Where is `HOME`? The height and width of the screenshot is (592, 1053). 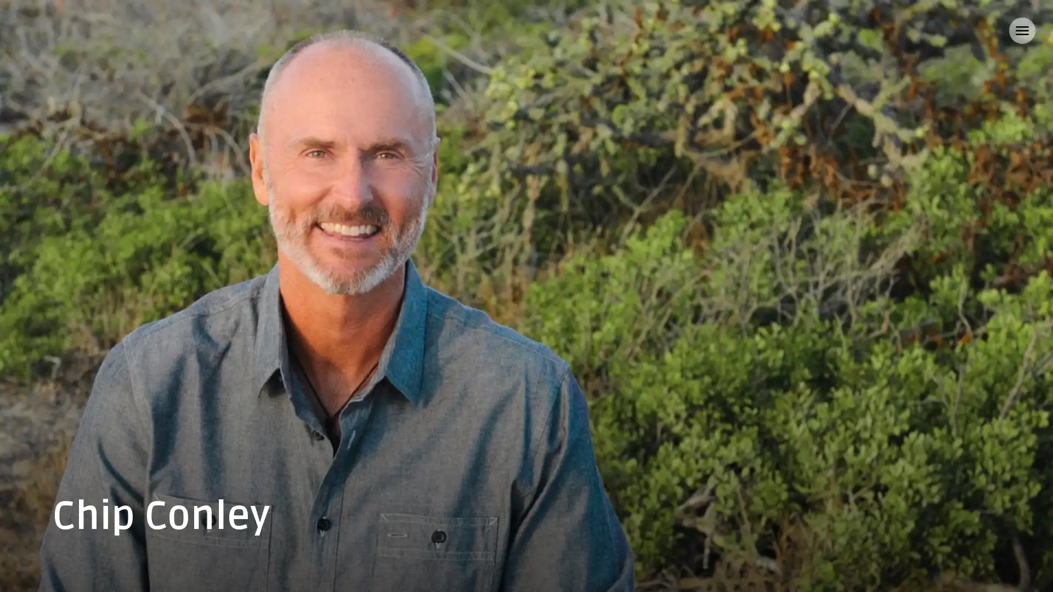
HOME is located at coordinates (39, 30).